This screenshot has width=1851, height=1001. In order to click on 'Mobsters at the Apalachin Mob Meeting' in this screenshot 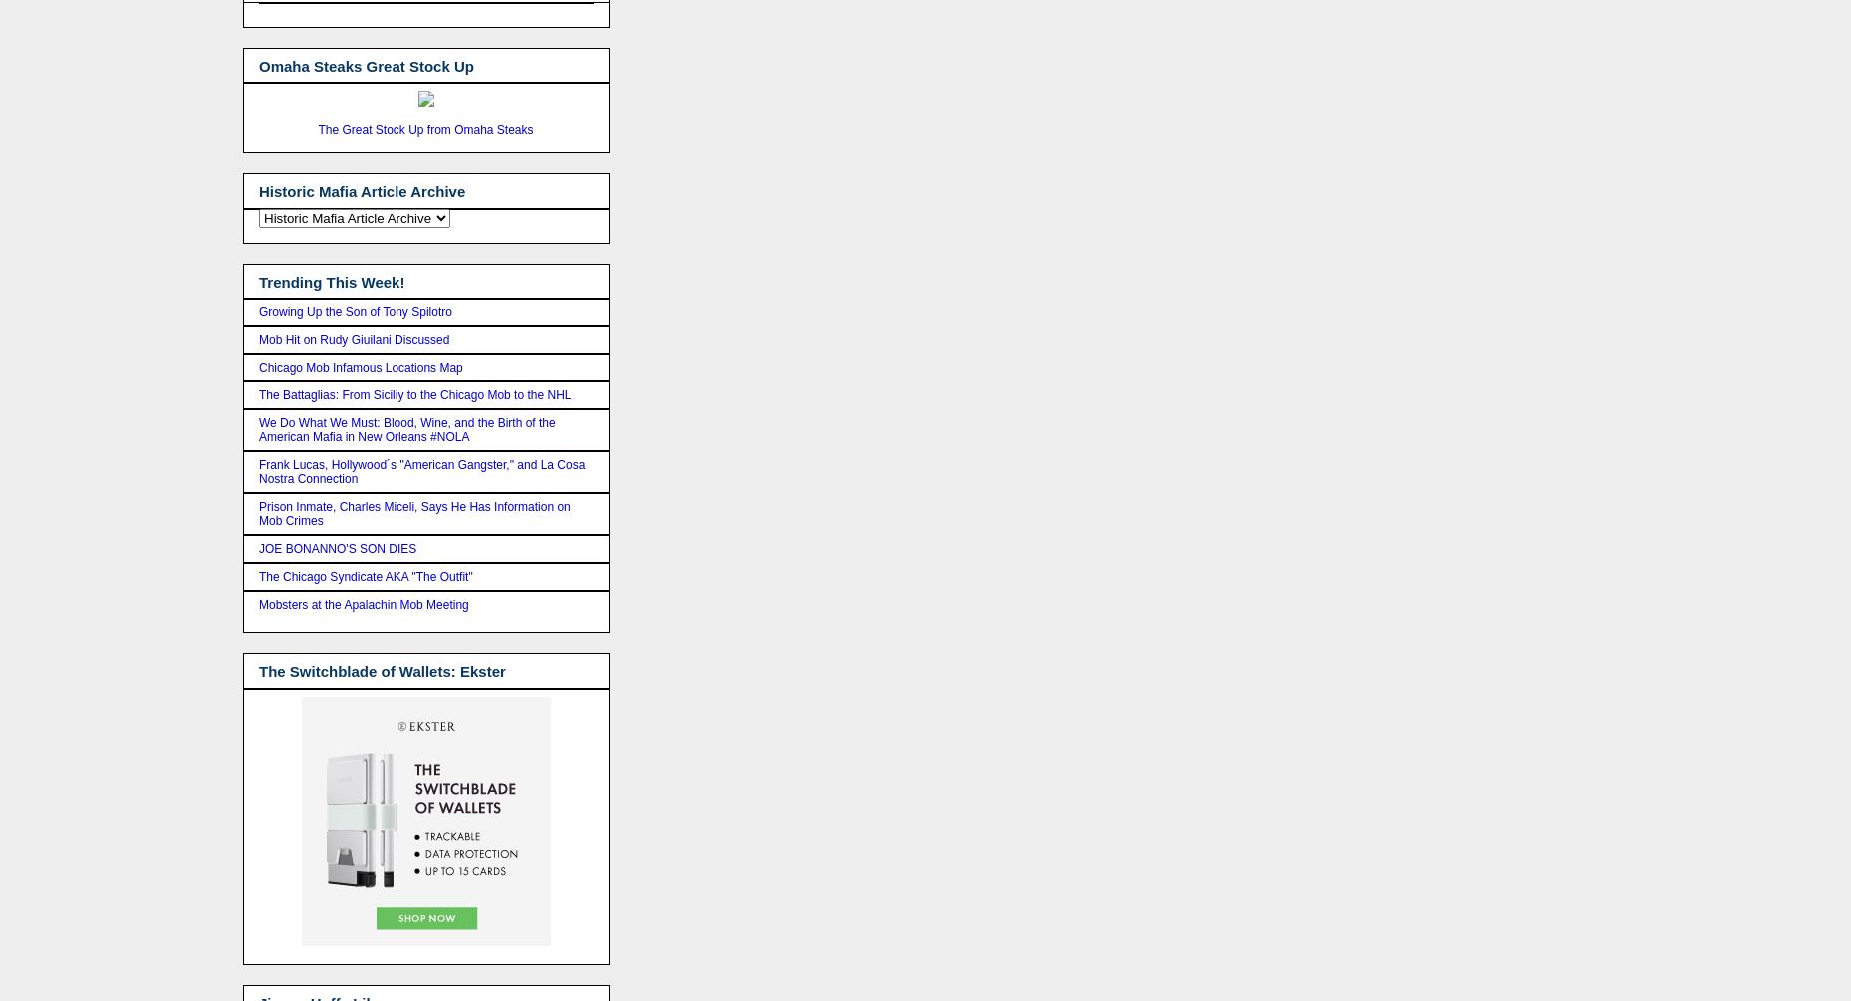, I will do `click(257, 604)`.